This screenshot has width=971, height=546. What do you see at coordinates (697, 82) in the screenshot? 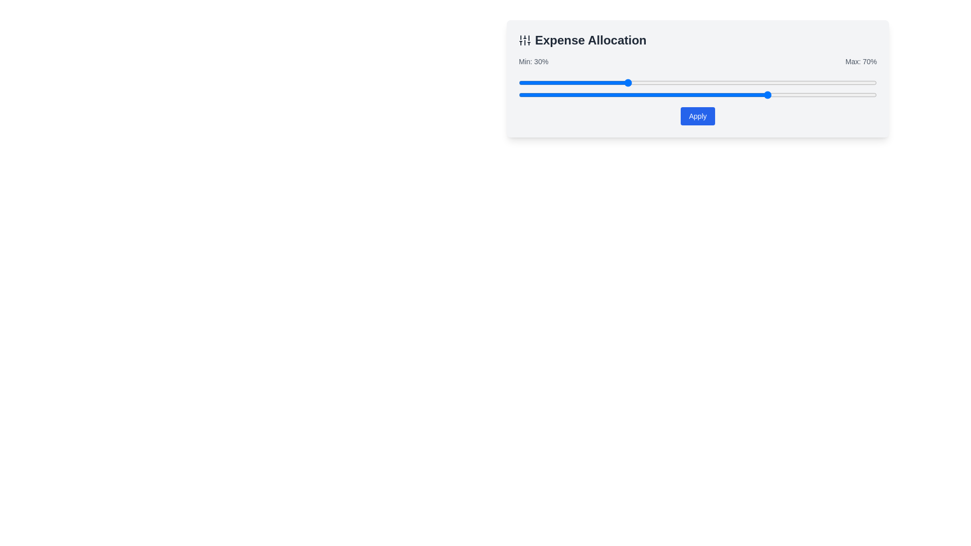
I see `the handle of the range slider in the 'Expense Allocation' card` at bounding box center [697, 82].